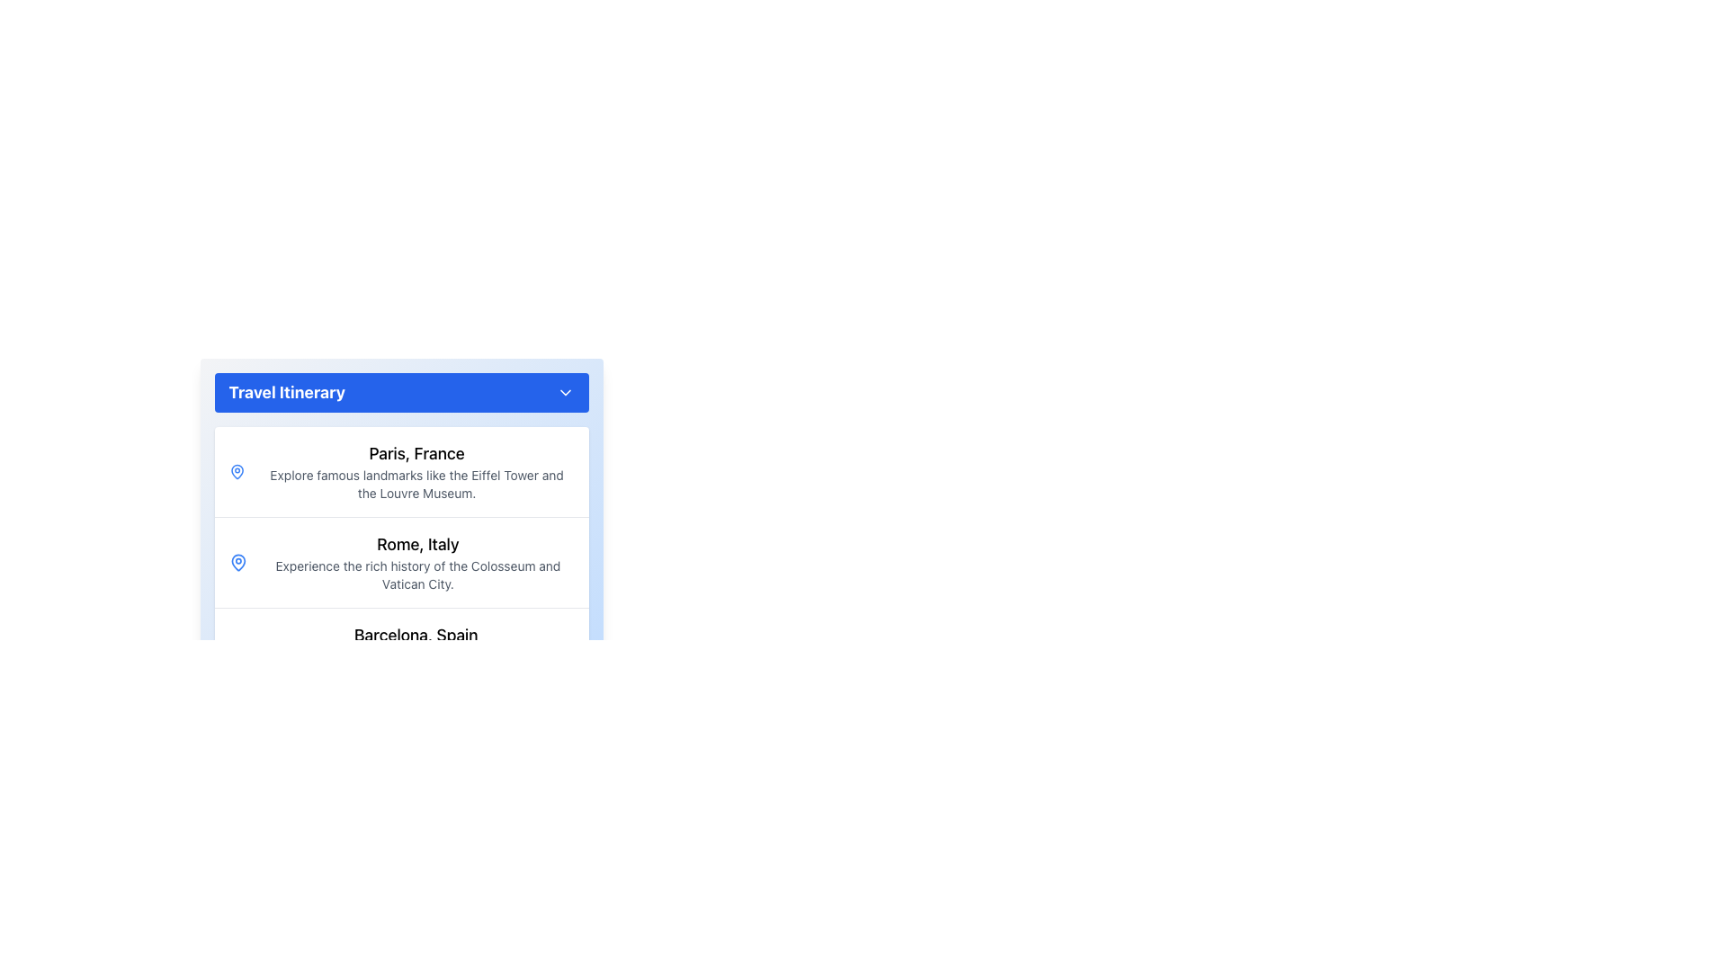 The width and height of the screenshot is (1727, 971). I want to click on the travel destination section that displays information about 'Rome, Italy', which is the second section in the vertical list of places, so click(400, 535).